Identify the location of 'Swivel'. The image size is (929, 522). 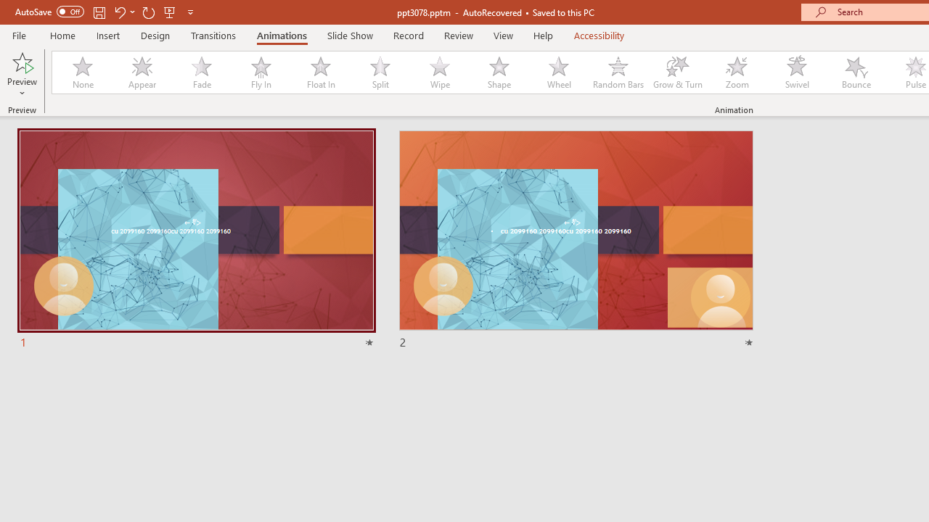
(796, 72).